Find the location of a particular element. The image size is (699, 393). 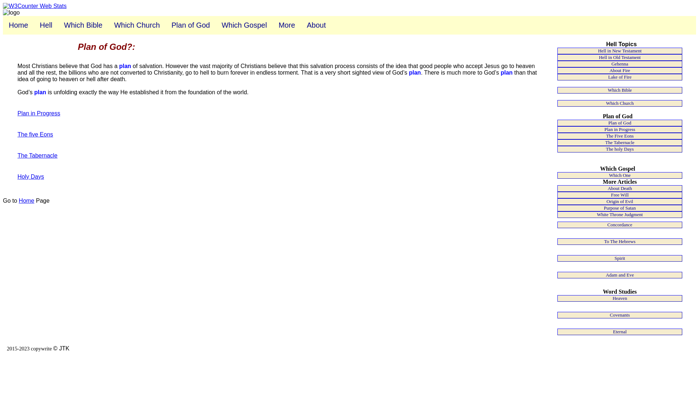

'Lake of Fire' is located at coordinates (619, 77).